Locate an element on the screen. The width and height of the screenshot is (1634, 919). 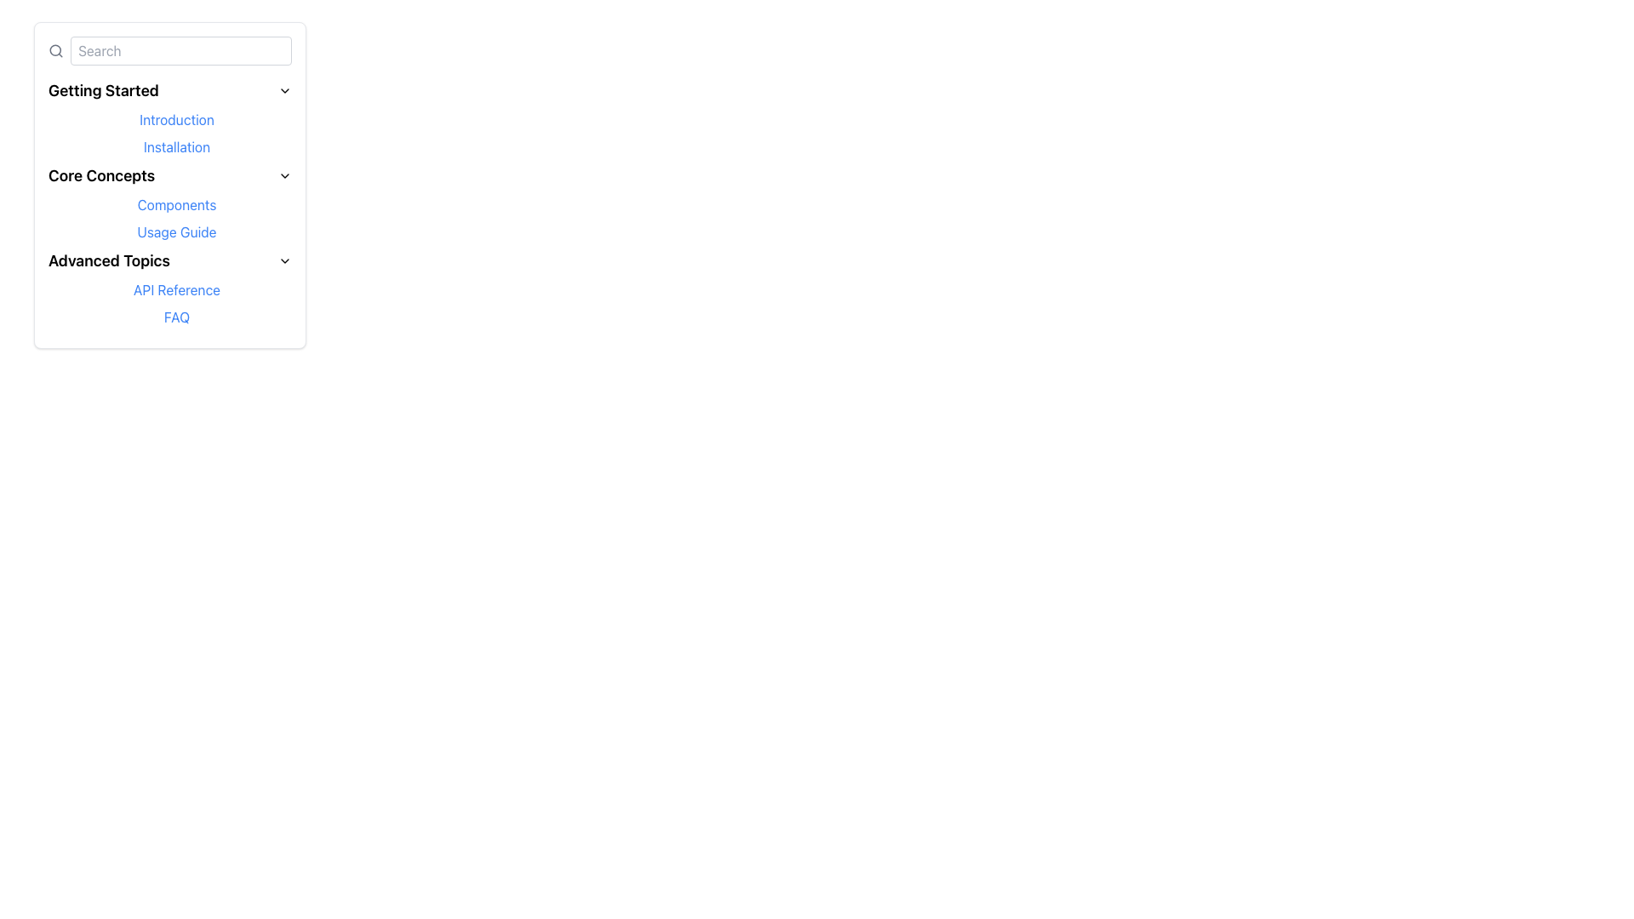
the first hyperlink under the 'Getting Started' section in the navigation menu is located at coordinates (176, 119).